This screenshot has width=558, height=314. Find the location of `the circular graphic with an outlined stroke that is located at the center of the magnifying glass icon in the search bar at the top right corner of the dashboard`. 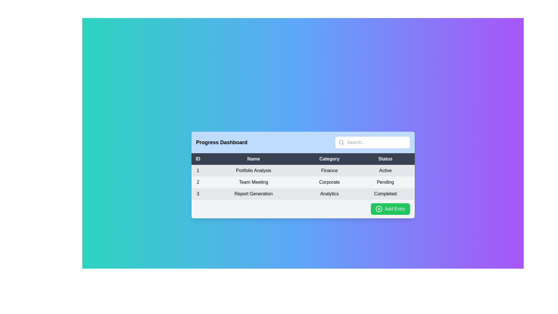

the circular graphic with an outlined stroke that is located at the center of the magnifying glass icon in the search bar at the top right corner of the dashboard is located at coordinates (341, 142).